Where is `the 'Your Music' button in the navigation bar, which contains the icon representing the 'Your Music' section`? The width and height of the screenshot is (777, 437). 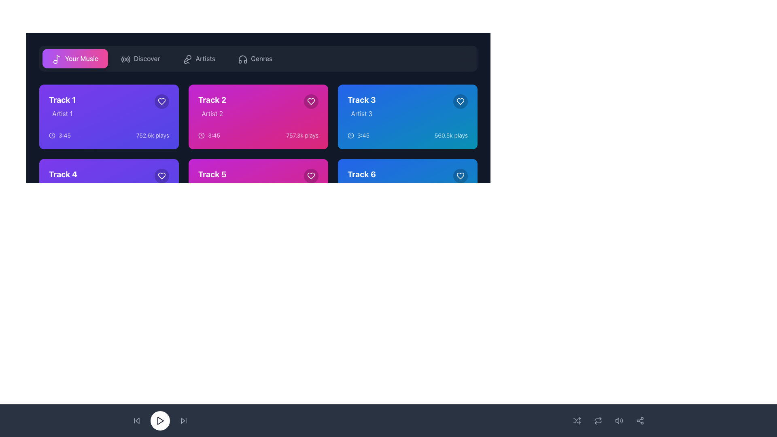
the 'Your Music' button in the navigation bar, which contains the icon representing the 'Your Music' section is located at coordinates (56, 59).